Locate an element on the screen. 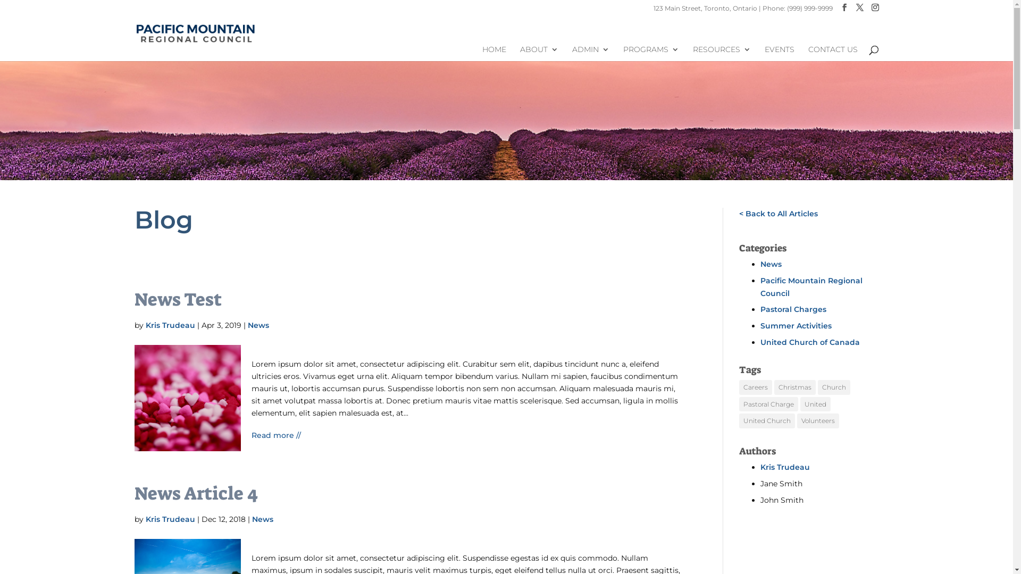 The width and height of the screenshot is (1021, 574). 'ABOUT' is located at coordinates (539, 53).